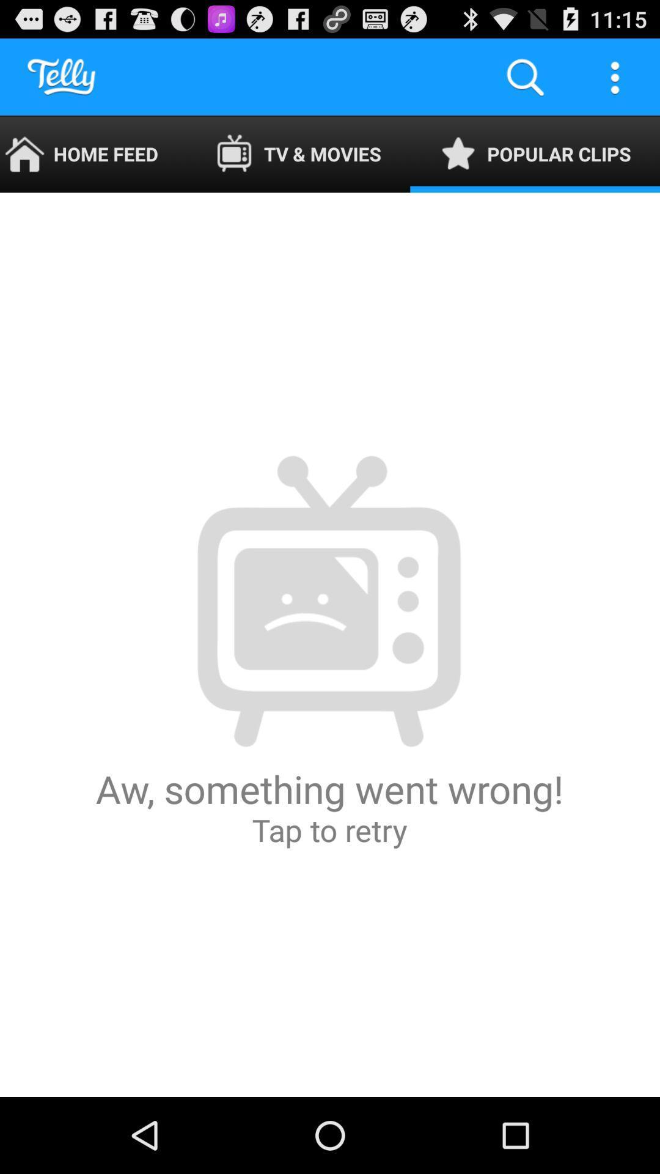  What do you see at coordinates (93, 153) in the screenshot?
I see `icon to the left of tv & movies icon` at bounding box center [93, 153].